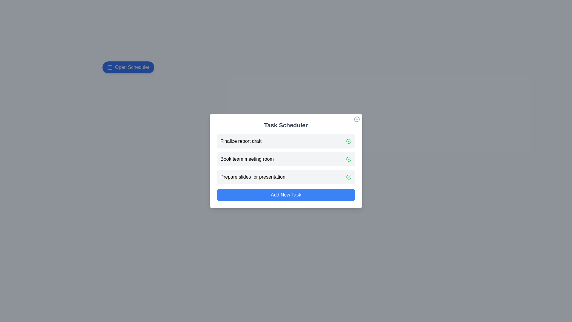  What do you see at coordinates (286, 141) in the screenshot?
I see `the status of the first task entry in the task scheduler application, which is positioned at the top of a vertical list of tasks` at bounding box center [286, 141].